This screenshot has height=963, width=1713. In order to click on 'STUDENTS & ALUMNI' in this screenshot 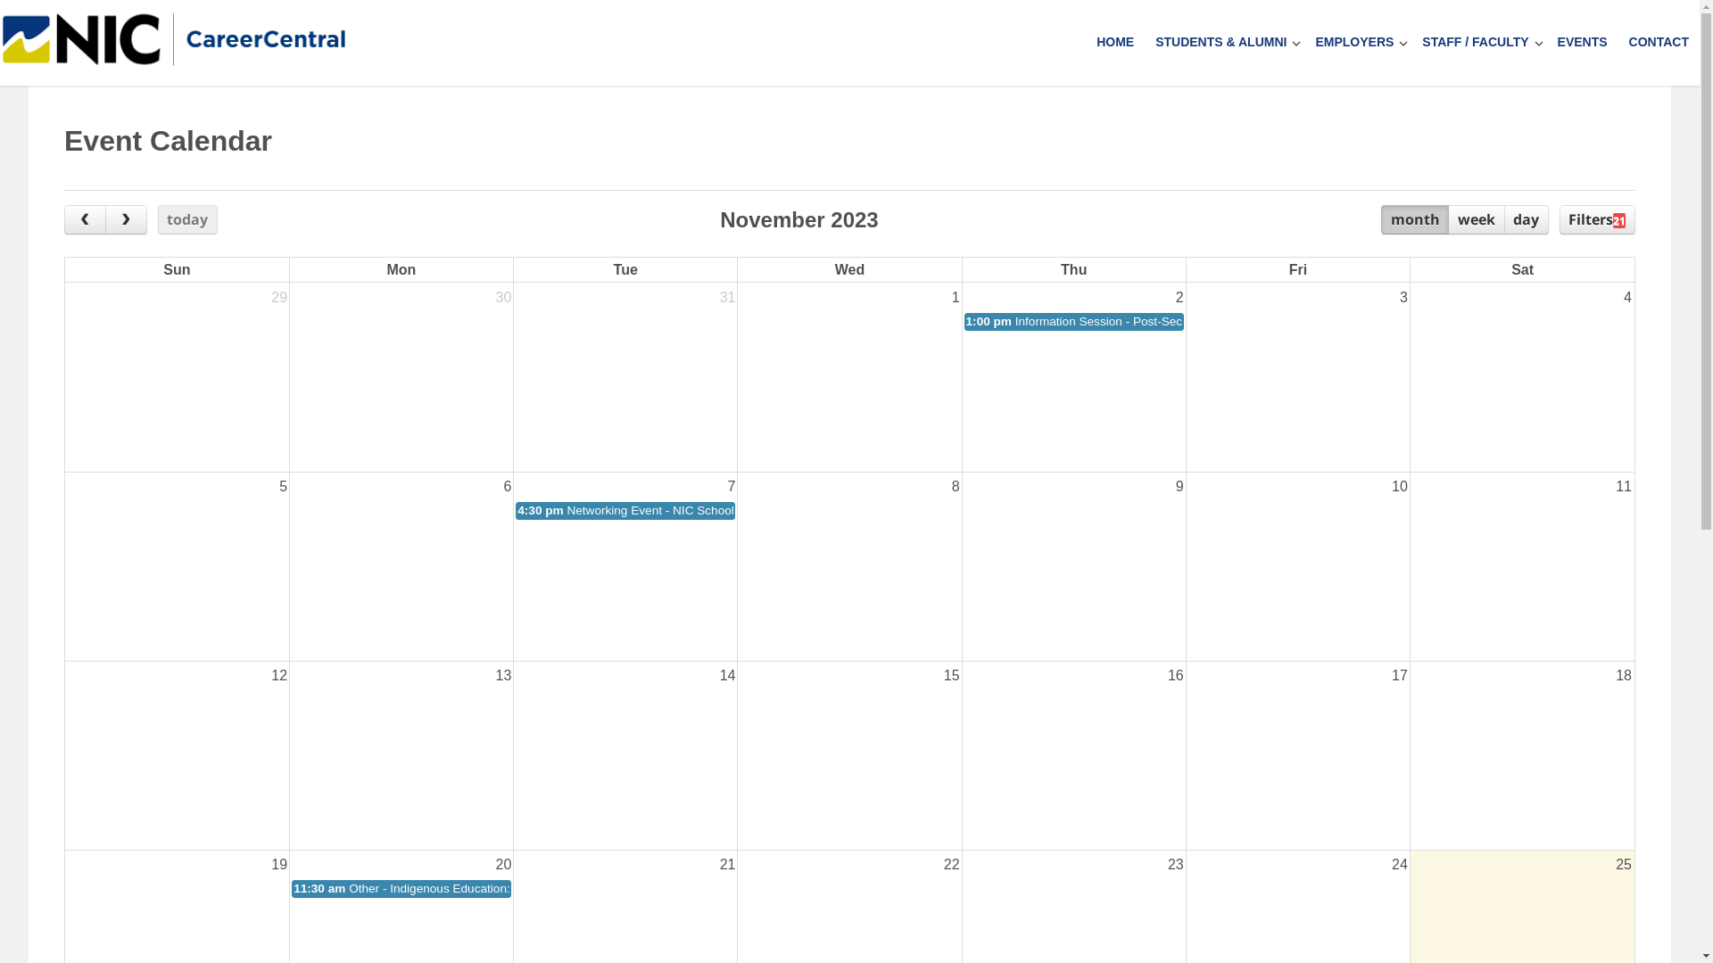, I will do `click(1144, 41)`.